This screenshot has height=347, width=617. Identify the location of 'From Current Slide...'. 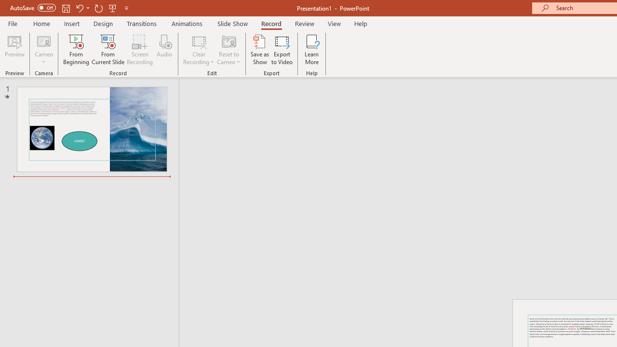
(108, 50).